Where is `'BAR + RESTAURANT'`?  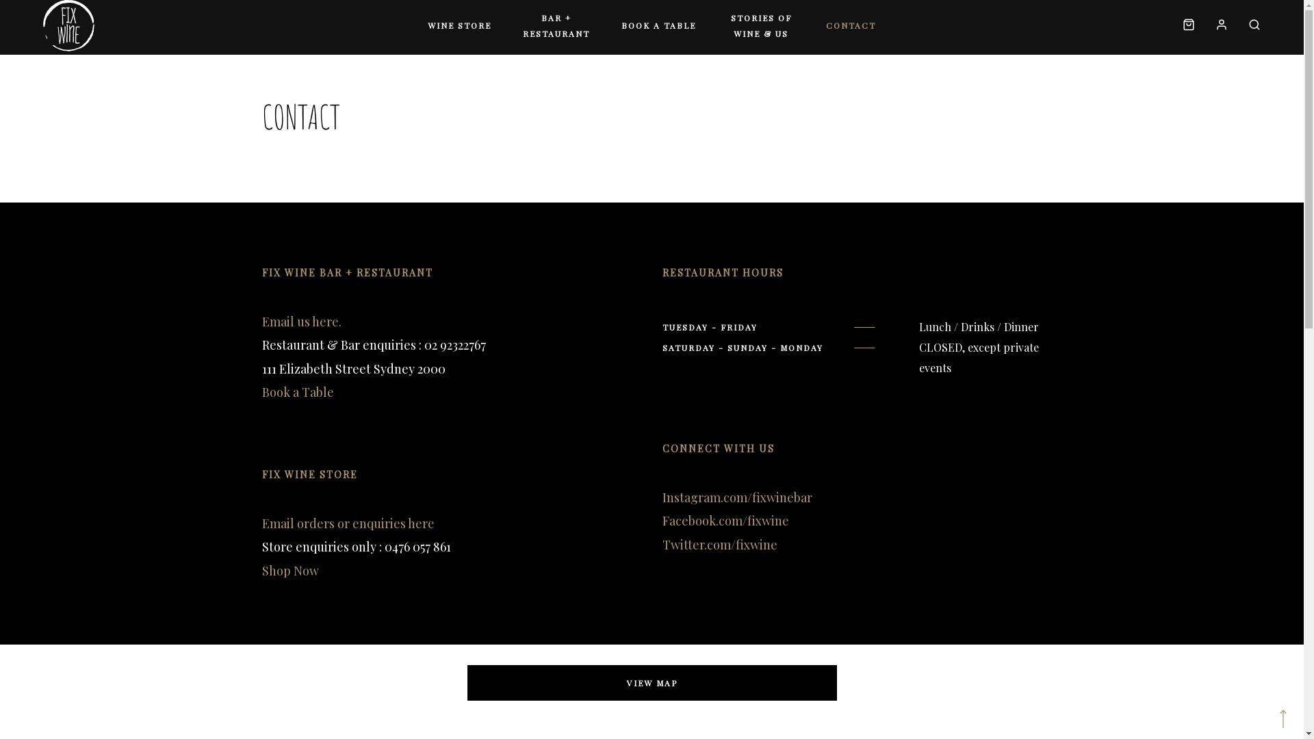 'BAR + RESTAURANT' is located at coordinates (501, 26).